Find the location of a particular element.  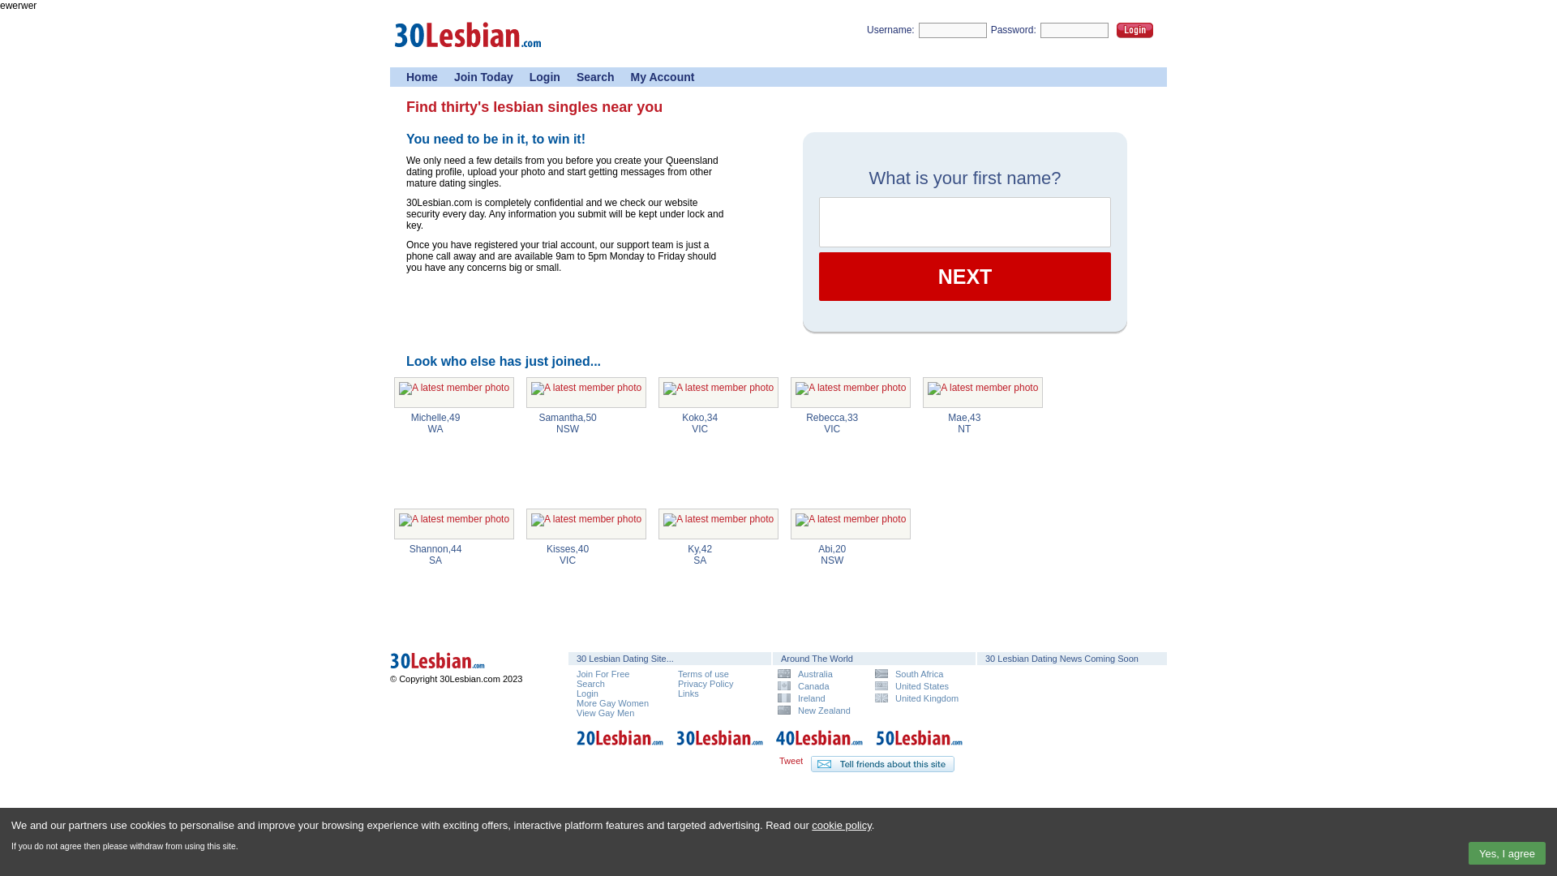

'Canada' is located at coordinates (820, 685).